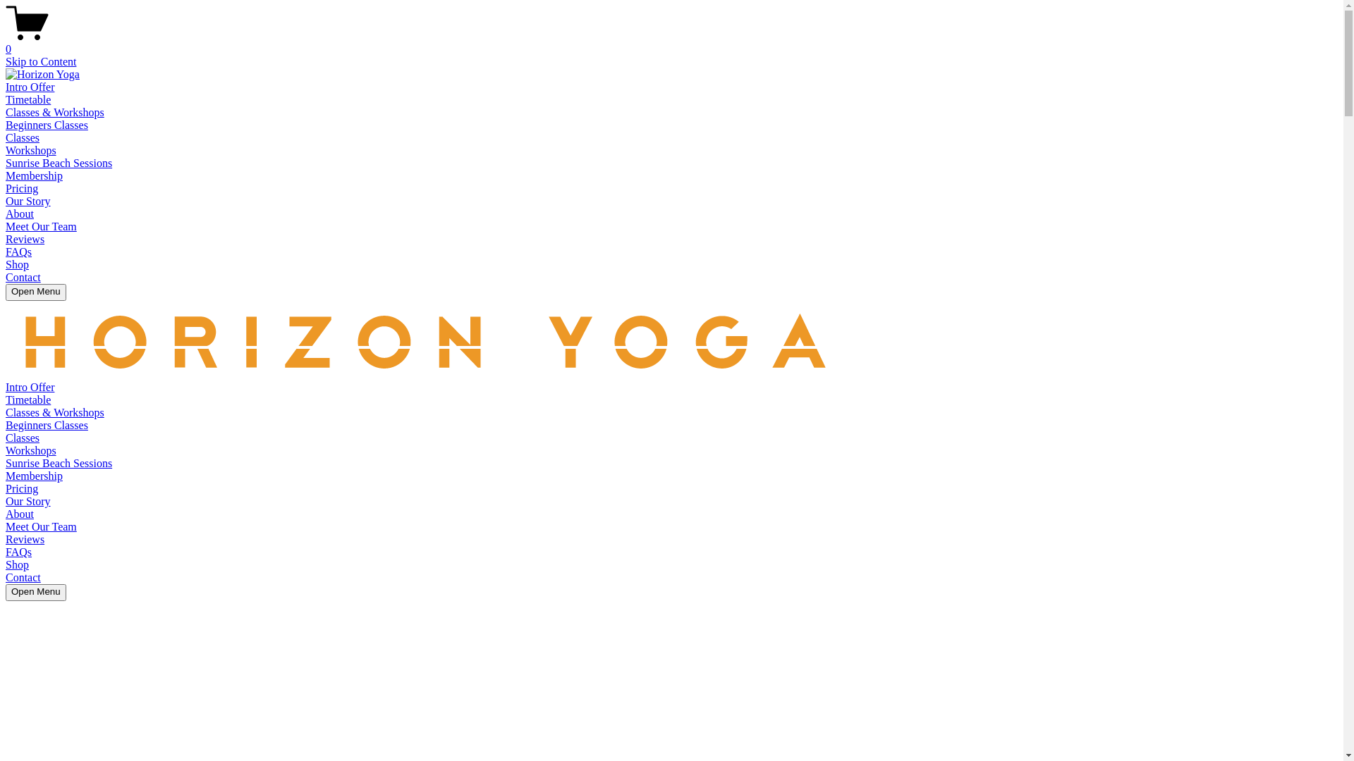 This screenshot has width=1354, height=761. Describe the element at coordinates (23, 437) in the screenshot. I see `'Classes'` at that location.